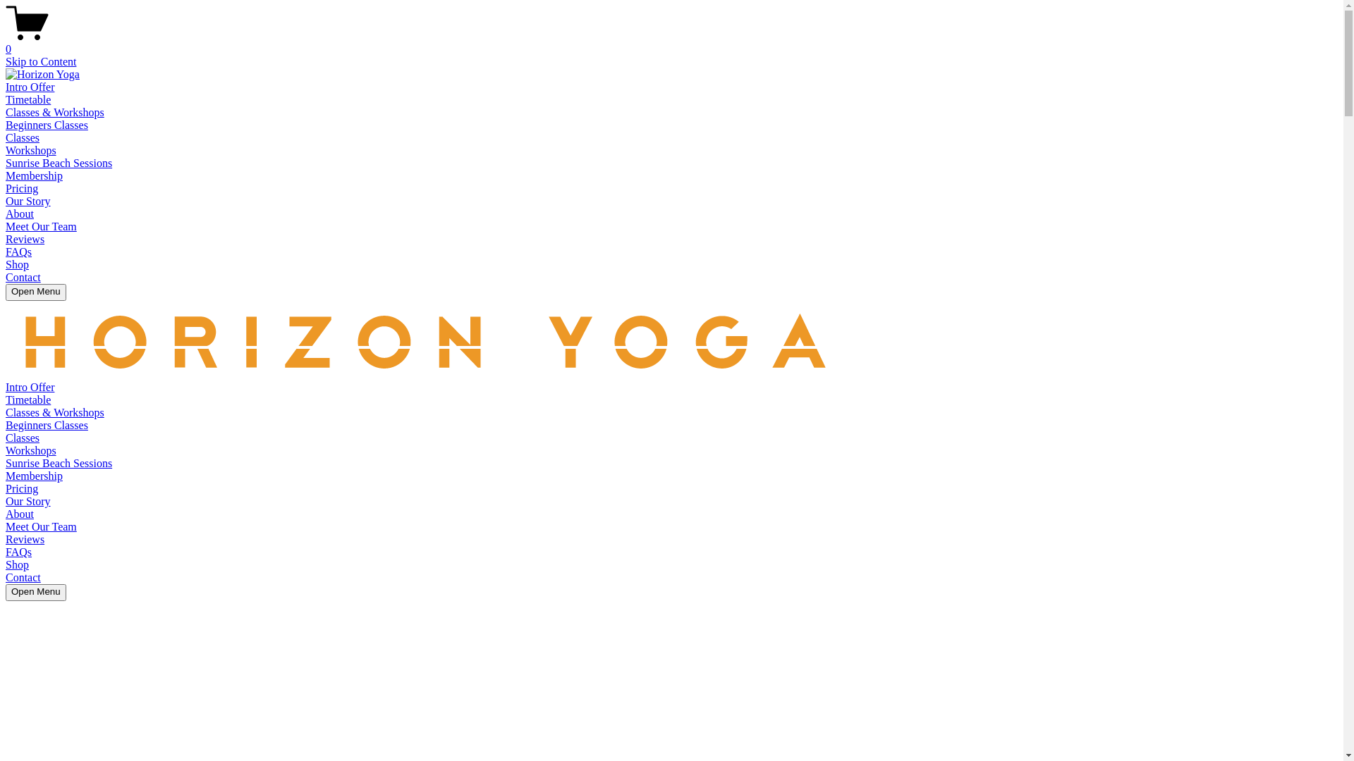 This screenshot has width=1354, height=761. Describe the element at coordinates (23, 437) in the screenshot. I see `'Classes'` at that location.